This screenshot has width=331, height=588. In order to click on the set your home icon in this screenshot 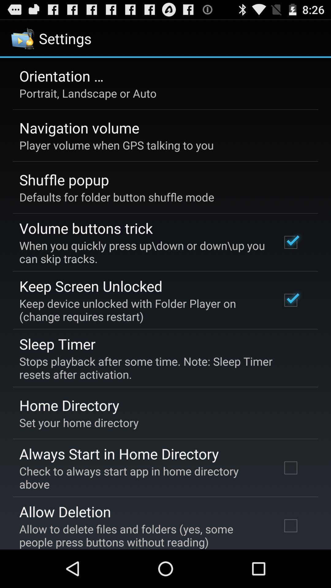, I will do `click(78, 422)`.